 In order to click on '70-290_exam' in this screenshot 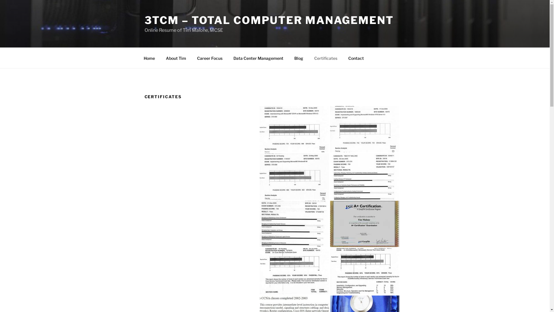, I will do `click(294, 224)`.